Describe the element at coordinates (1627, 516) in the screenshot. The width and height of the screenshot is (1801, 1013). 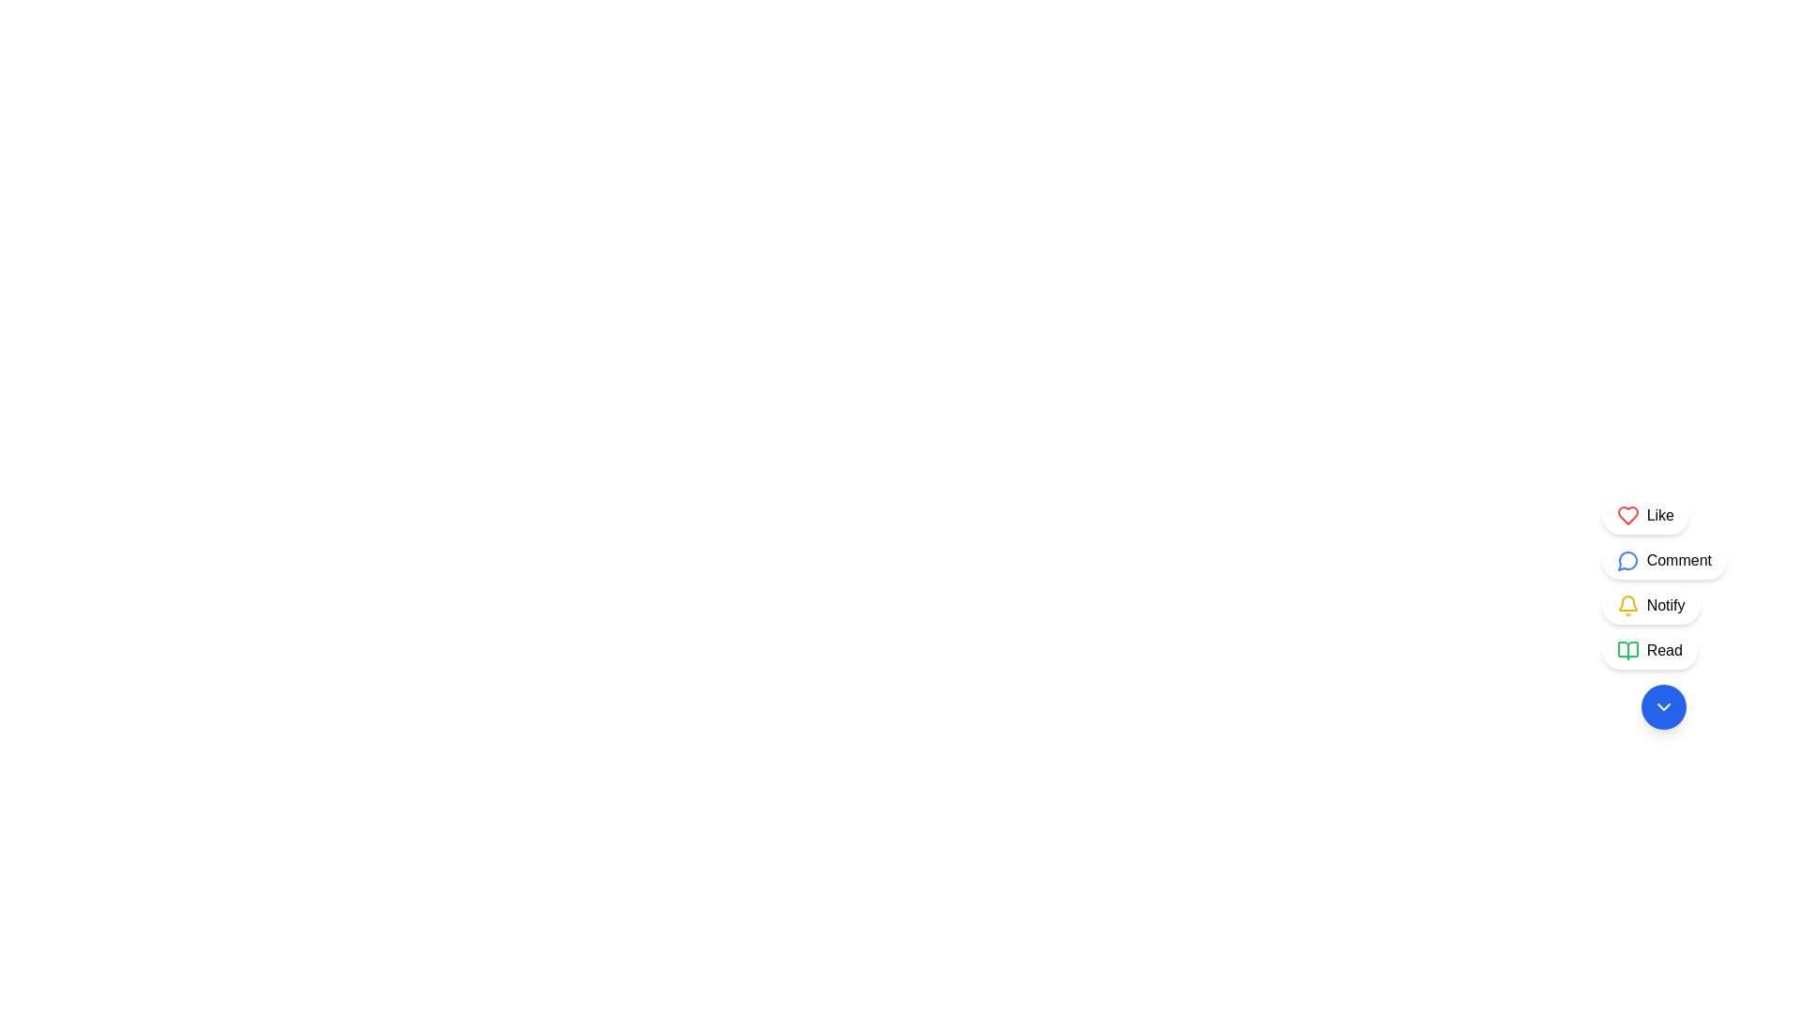
I see `the heart icon in the lower-right corner of the interface to register a like` at that location.